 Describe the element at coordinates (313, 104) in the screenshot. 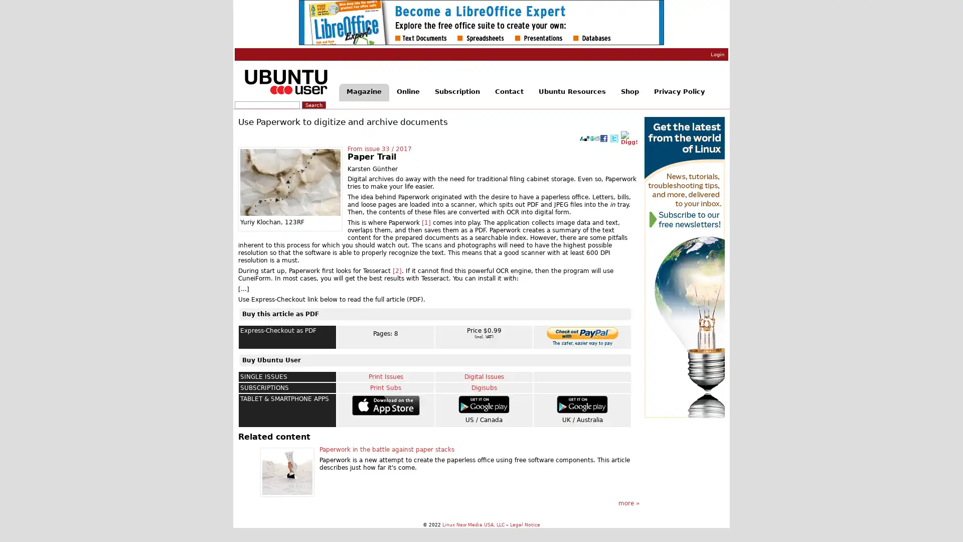

I see `Search` at that location.